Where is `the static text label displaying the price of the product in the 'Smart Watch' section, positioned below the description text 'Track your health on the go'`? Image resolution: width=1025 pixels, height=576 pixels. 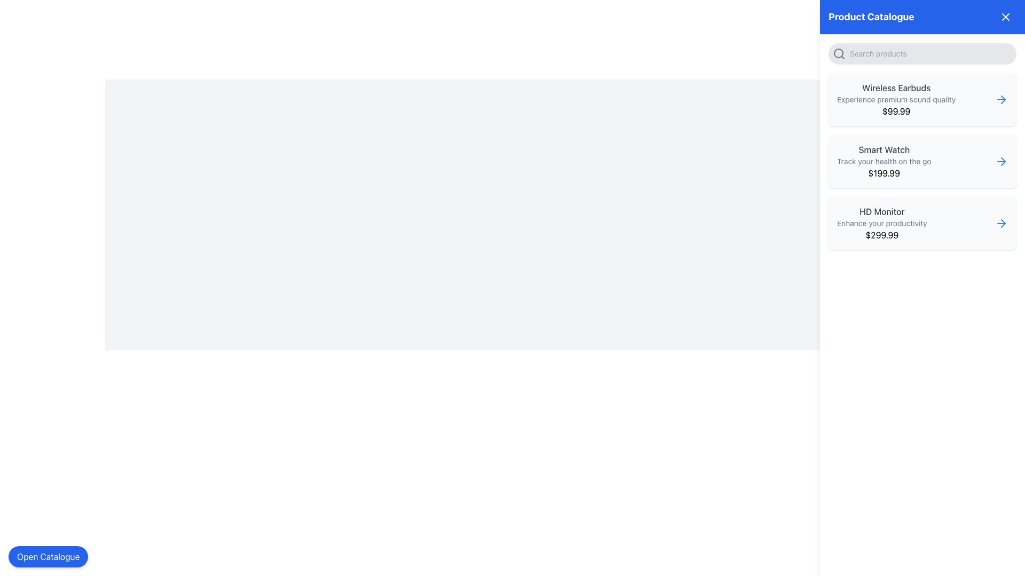 the static text label displaying the price of the product in the 'Smart Watch' section, positioned below the description text 'Track your health on the go' is located at coordinates (884, 172).